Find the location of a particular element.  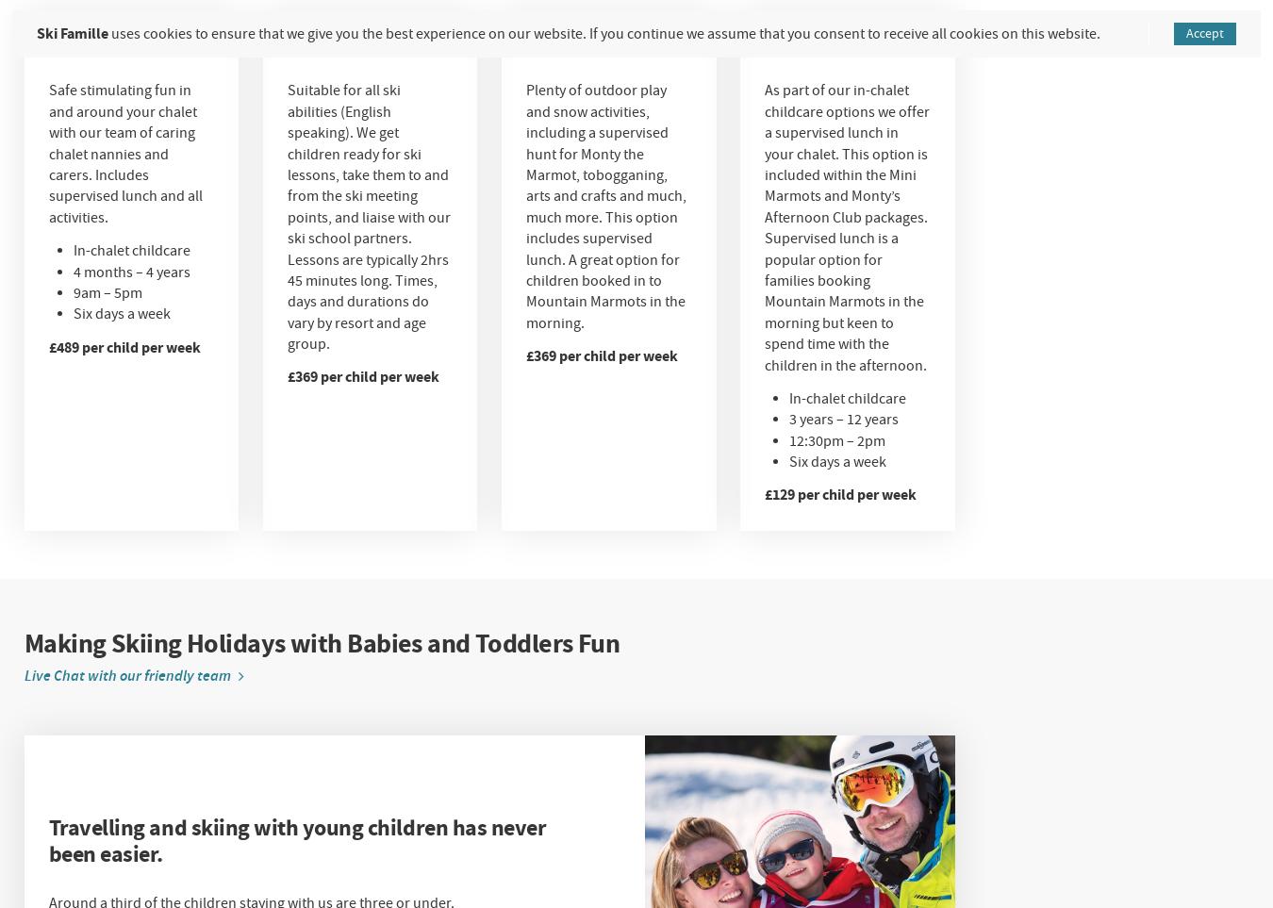

'uses cookies to ensure that we give you the best experience on our website. If you continue we assume that you consent to receive all cookies on this website.' is located at coordinates (603, 31).